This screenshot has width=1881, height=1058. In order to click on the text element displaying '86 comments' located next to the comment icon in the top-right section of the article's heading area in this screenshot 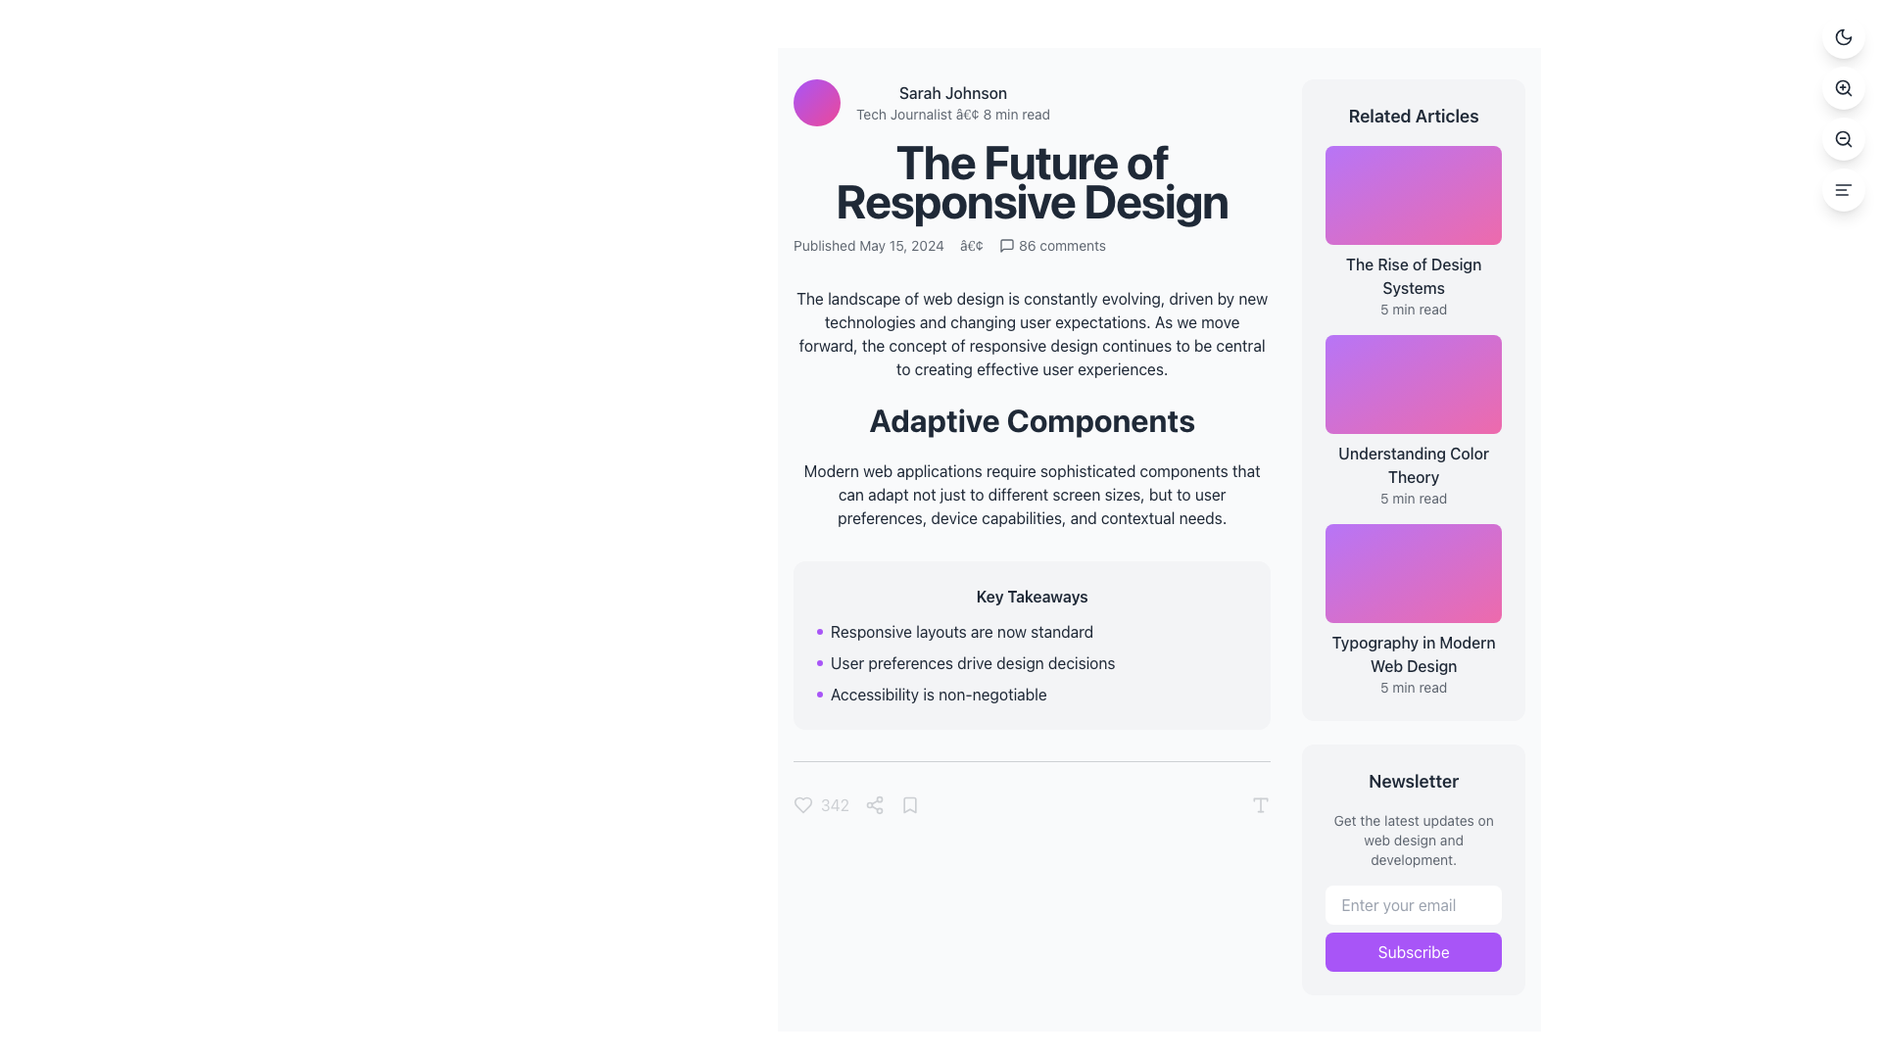, I will do `click(1061, 244)`.